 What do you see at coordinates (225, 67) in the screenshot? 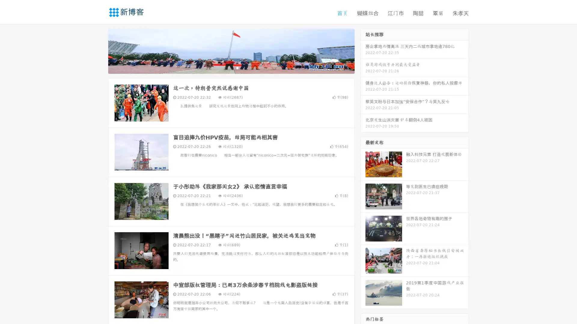
I see `Go to slide 1` at bounding box center [225, 67].